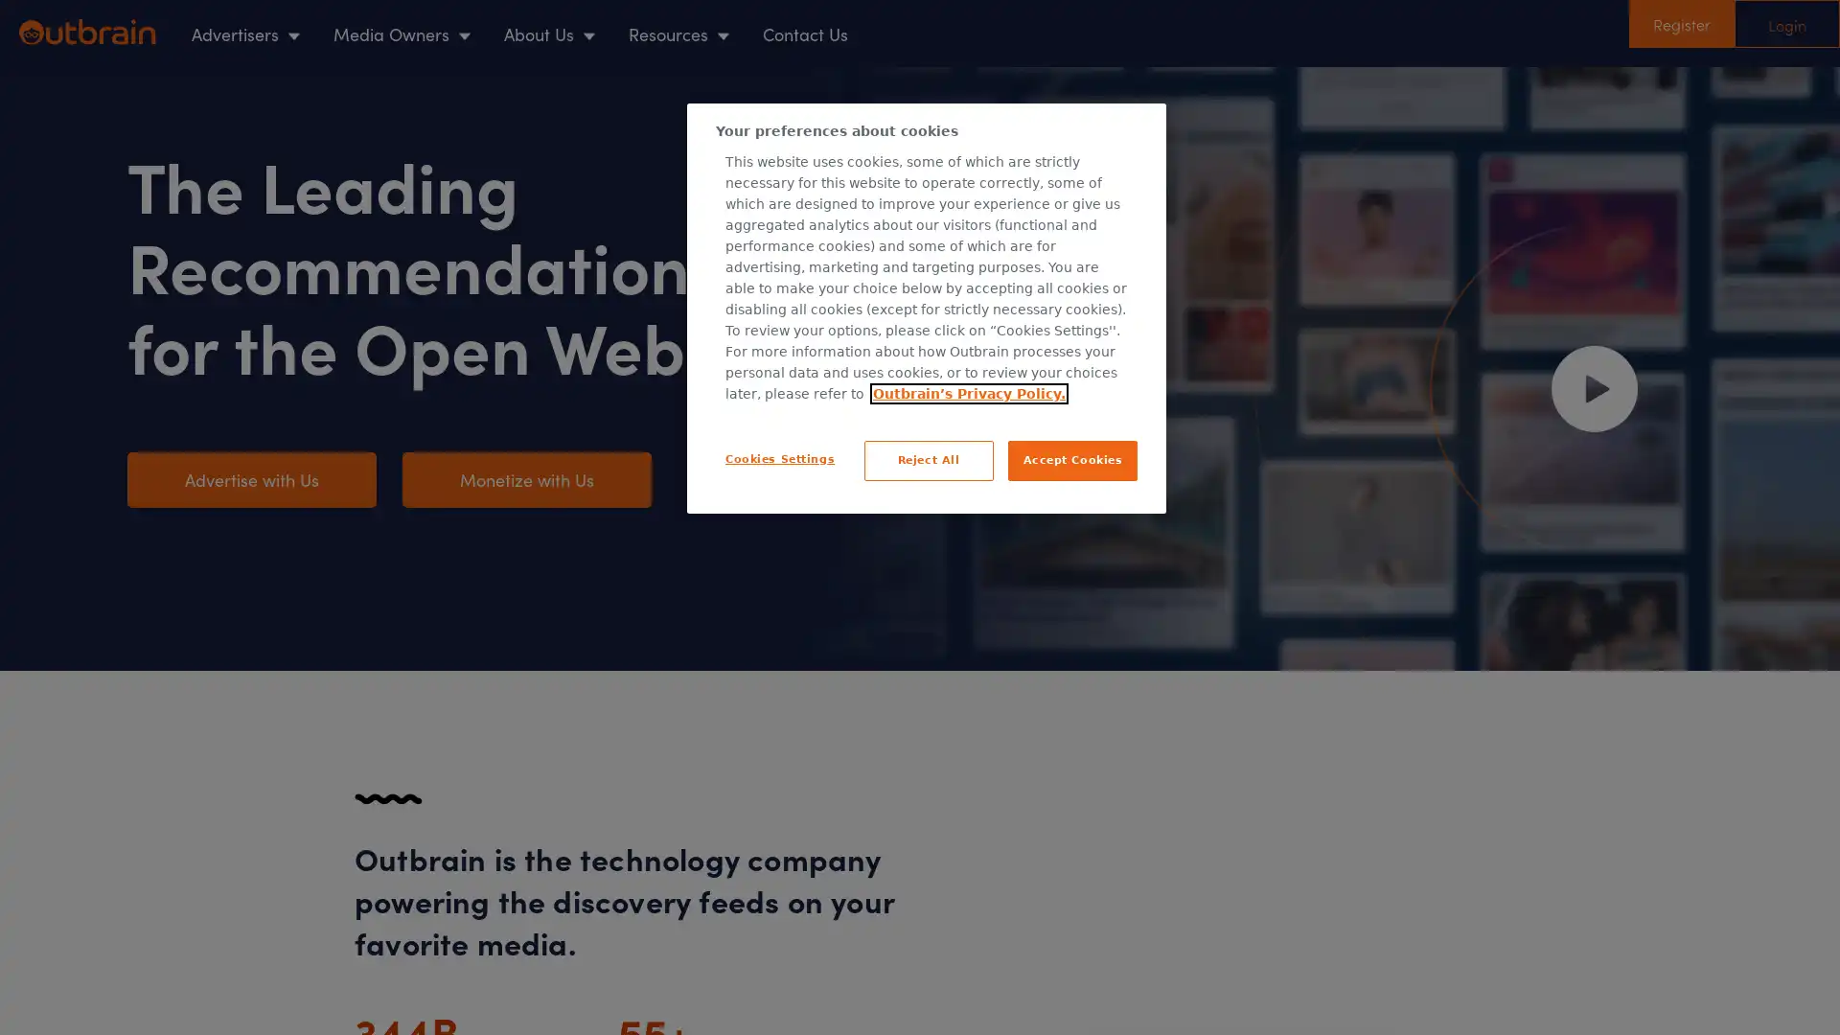 The height and width of the screenshot is (1035, 1840). Describe the element at coordinates (1071, 459) in the screenshot. I see `Accept Cookies` at that location.